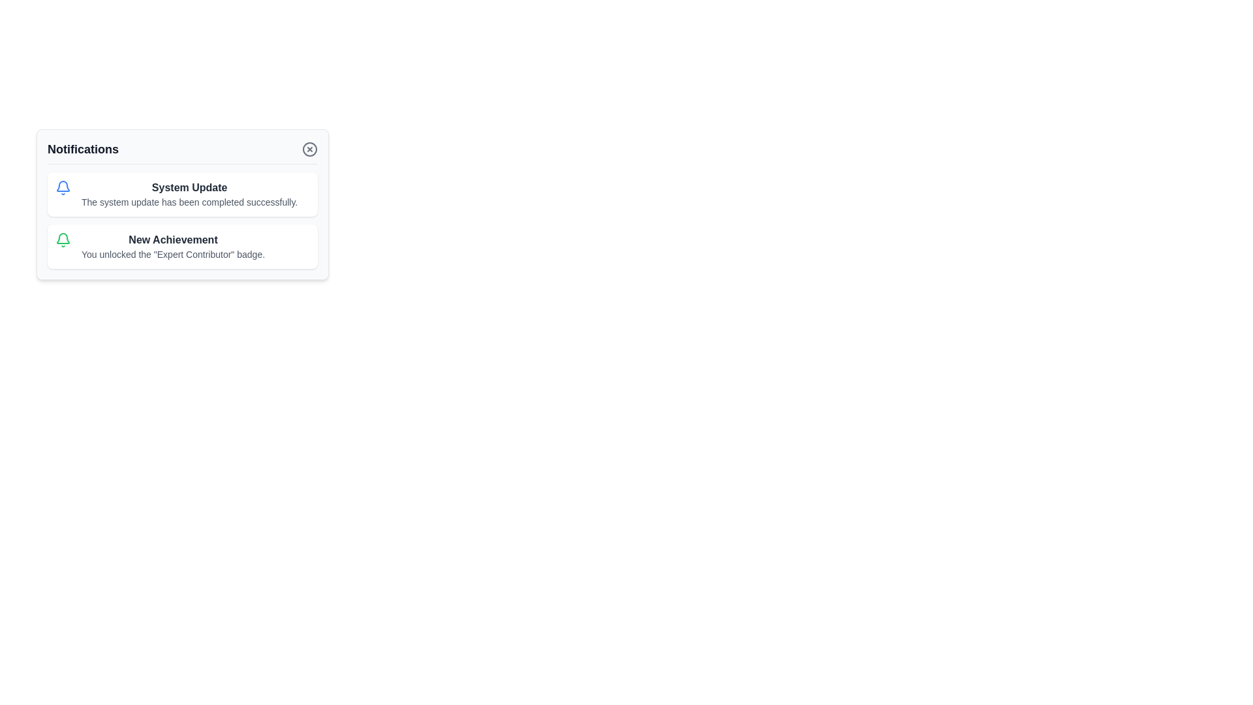  Describe the element at coordinates (189, 188) in the screenshot. I see `text from the 'System Update' label, which is a bold gray text located at the top-left of a notification card in the notifications panel` at that location.